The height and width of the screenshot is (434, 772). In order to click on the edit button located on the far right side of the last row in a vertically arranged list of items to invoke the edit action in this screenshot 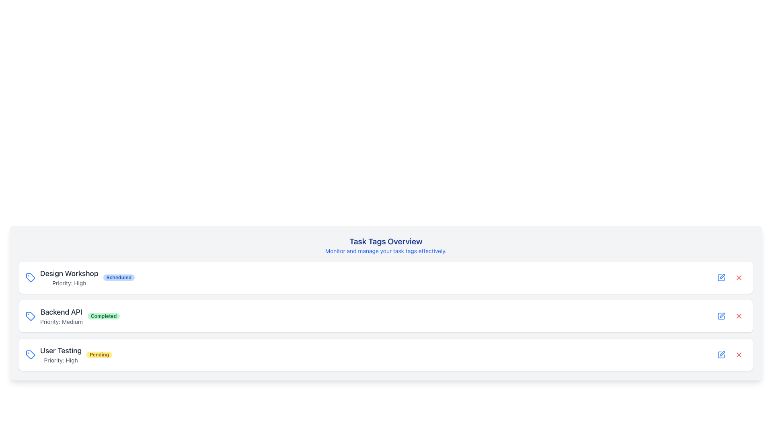, I will do `click(721, 354)`.